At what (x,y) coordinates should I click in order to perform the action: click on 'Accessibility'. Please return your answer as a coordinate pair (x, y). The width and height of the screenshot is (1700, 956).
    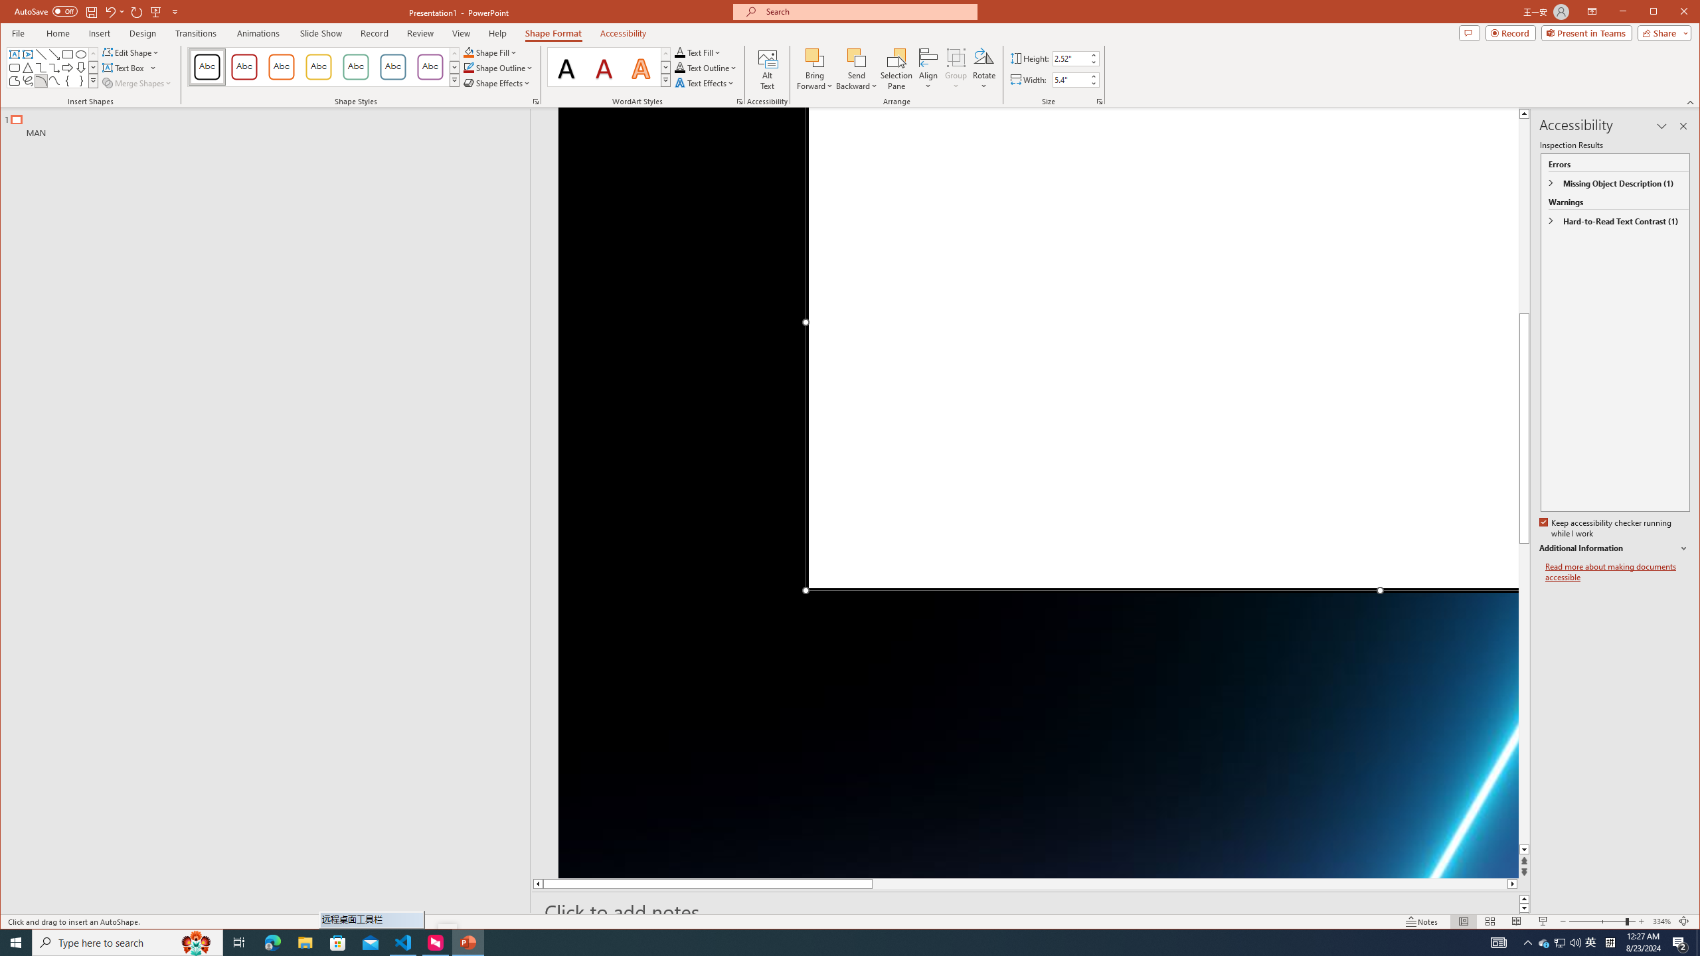
    Looking at the image, I should click on (623, 33).